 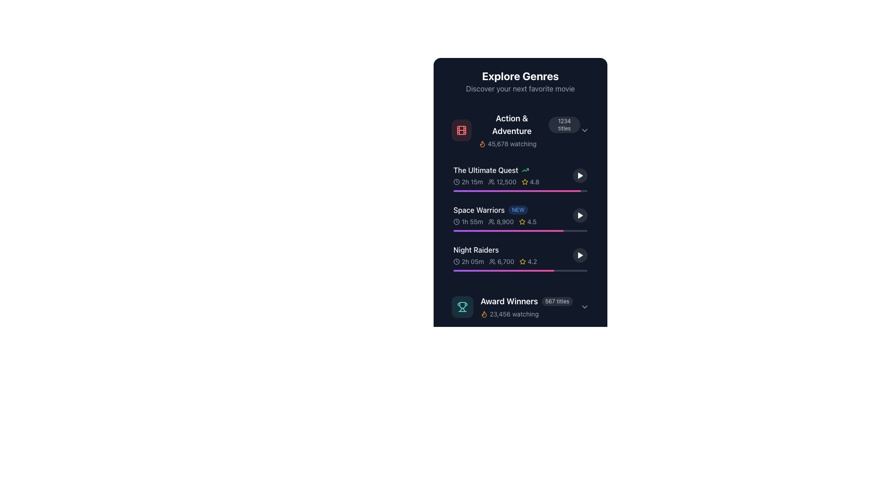 I want to click on the text label displaying 'The Ultimate Quest' with a green upward trending arrow icon, located in the 'Explore Genres' menu panel, so click(x=513, y=170).